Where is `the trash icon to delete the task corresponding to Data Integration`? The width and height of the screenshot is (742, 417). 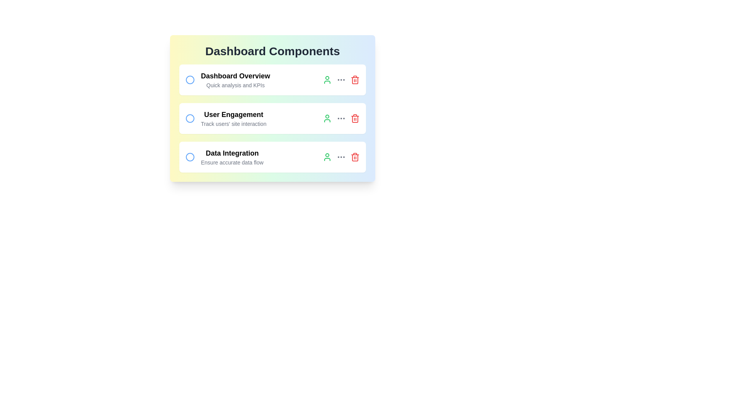 the trash icon to delete the task corresponding to Data Integration is located at coordinates (354, 157).